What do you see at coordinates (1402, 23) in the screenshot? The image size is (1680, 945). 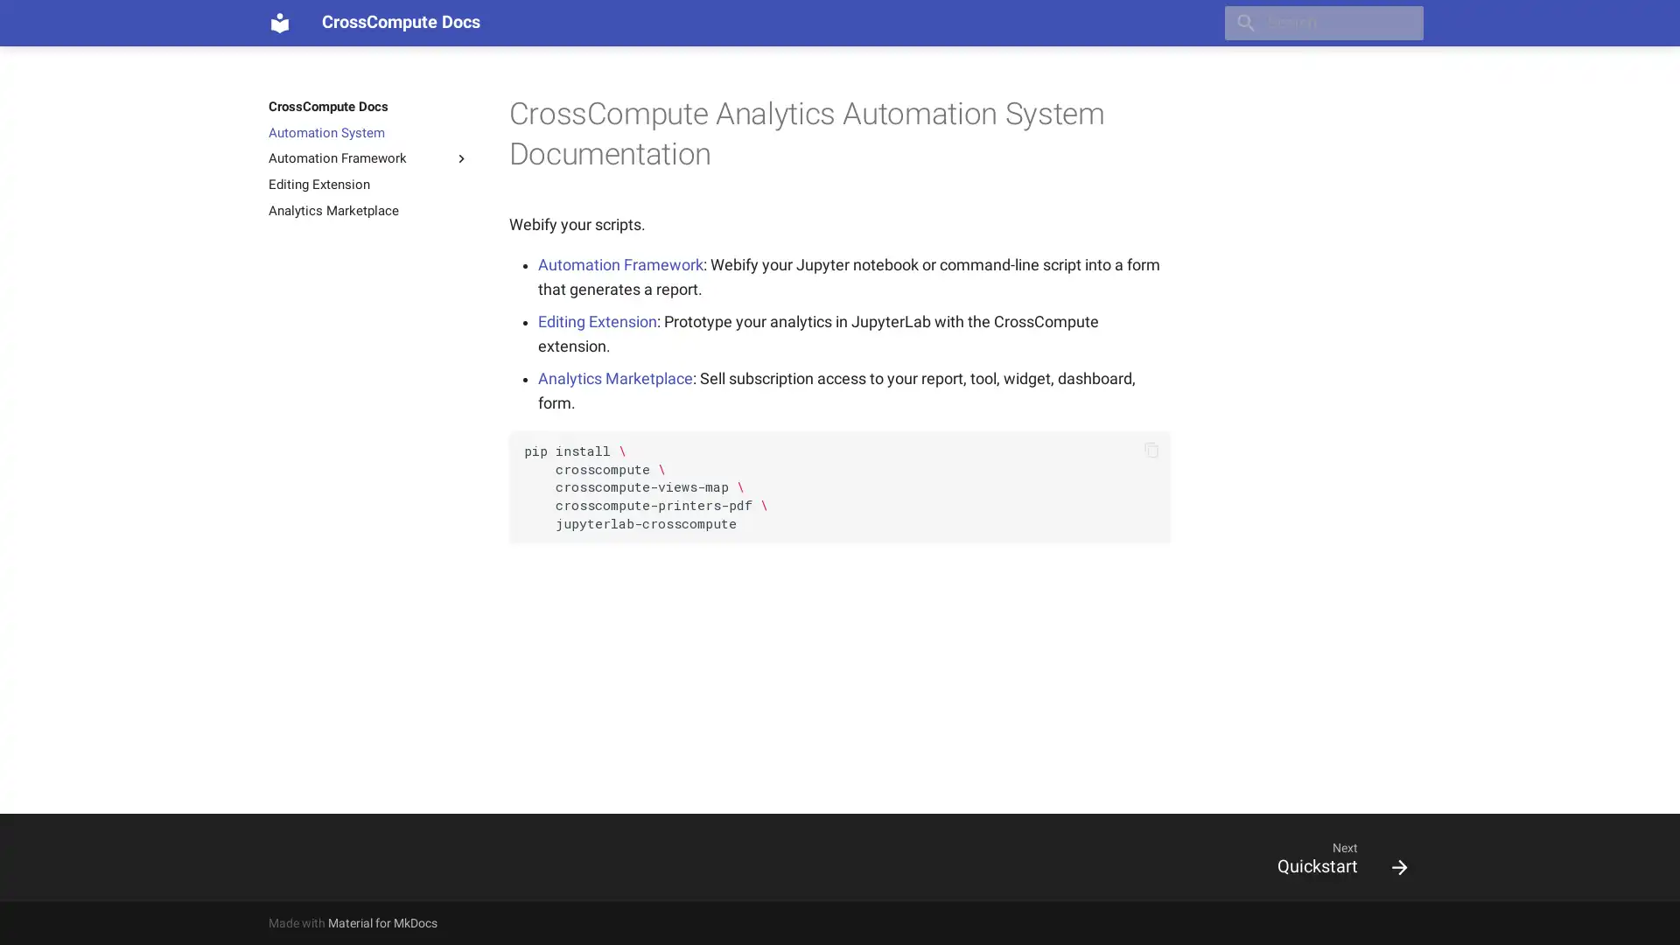 I see `Clear` at bounding box center [1402, 23].